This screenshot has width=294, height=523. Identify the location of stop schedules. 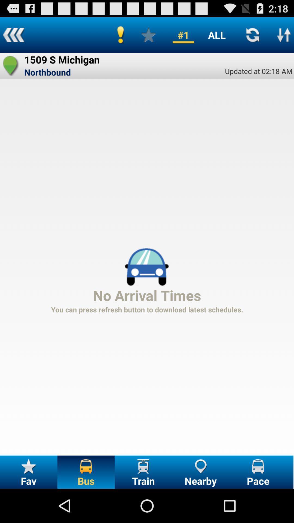
(284, 35).